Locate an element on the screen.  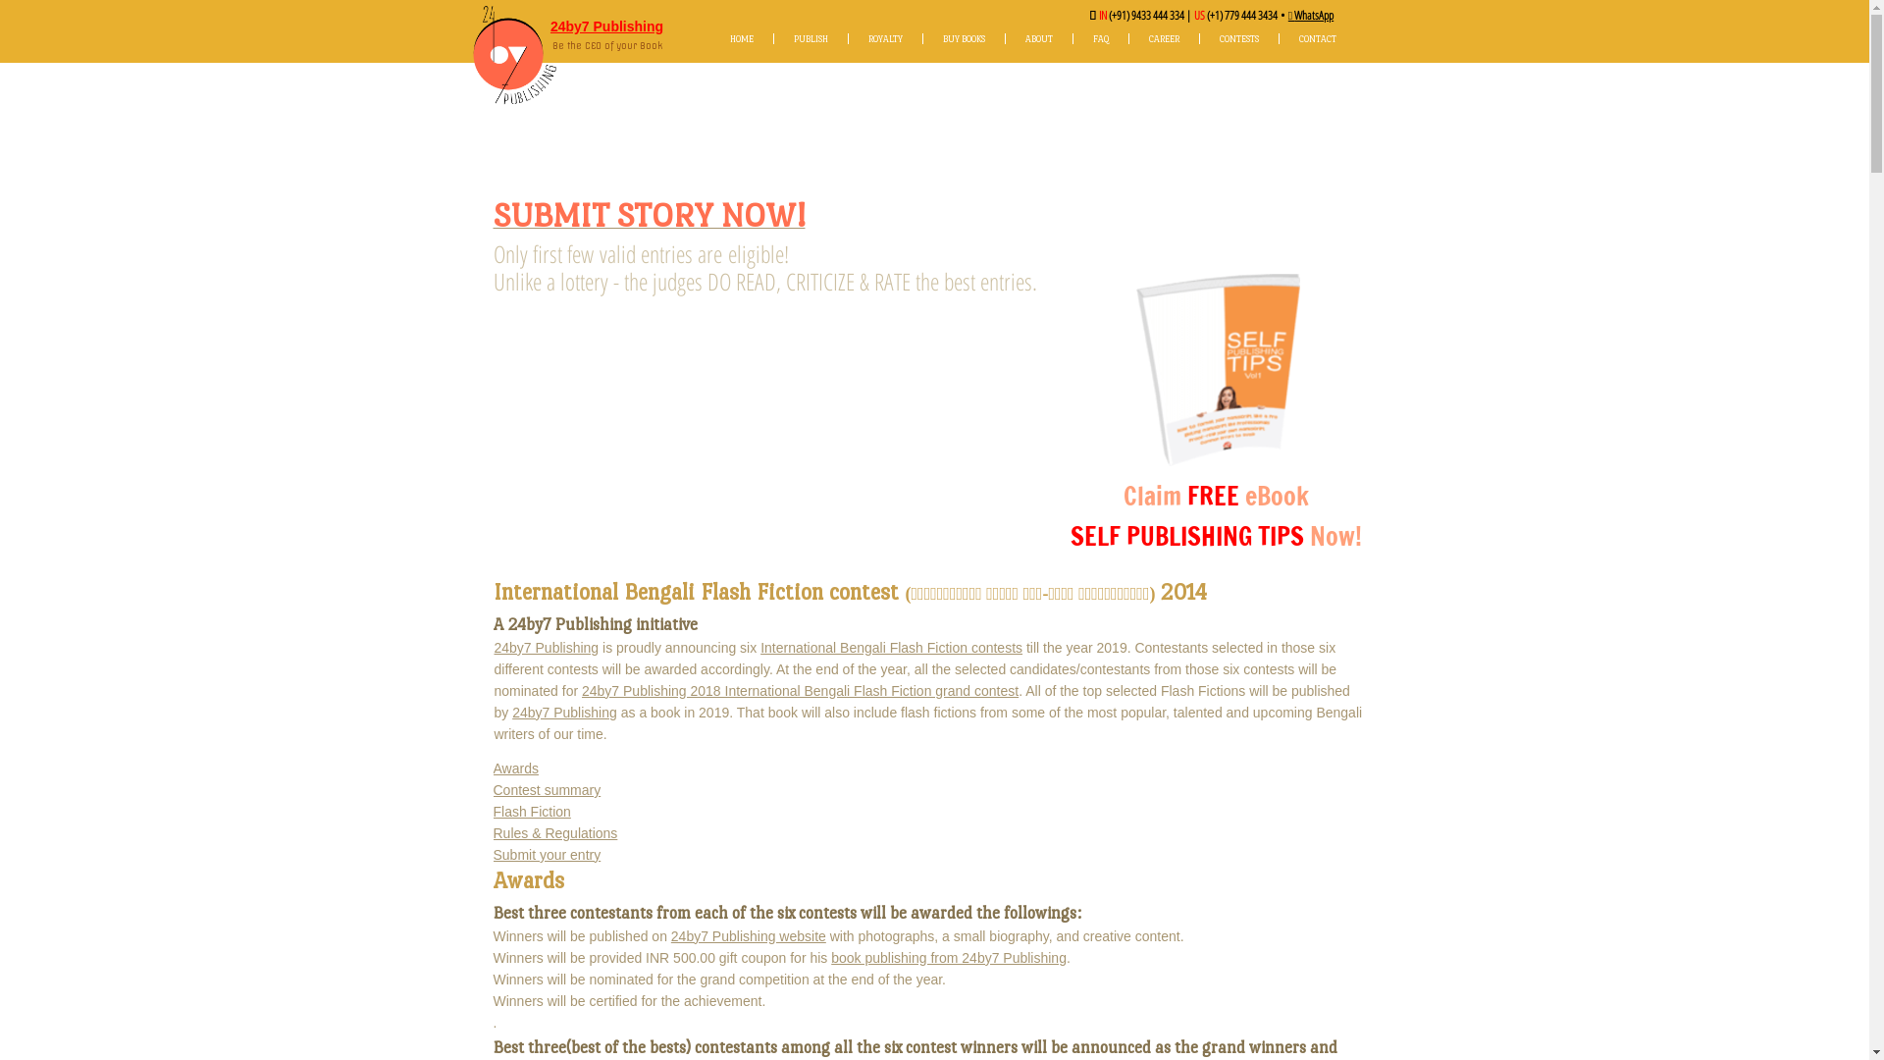
'ABOUT' is located at coordinates (1037, 38).